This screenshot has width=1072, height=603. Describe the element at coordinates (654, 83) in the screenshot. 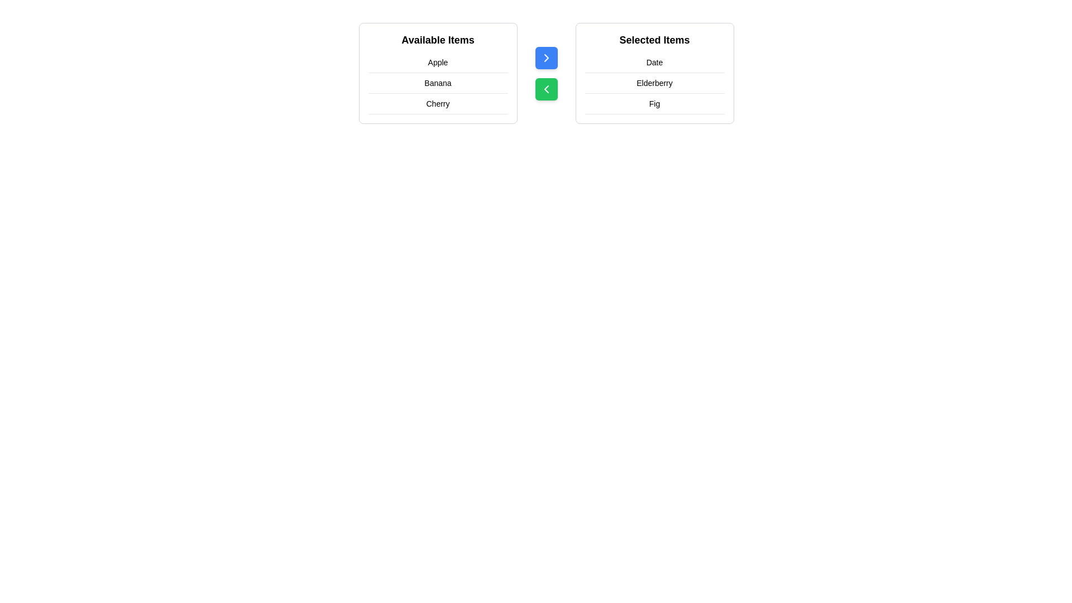

I see `the static text element that displays the second selected item in the 'Selected Items' section, positioned below 'Date' and above 'Fig'` at that location.